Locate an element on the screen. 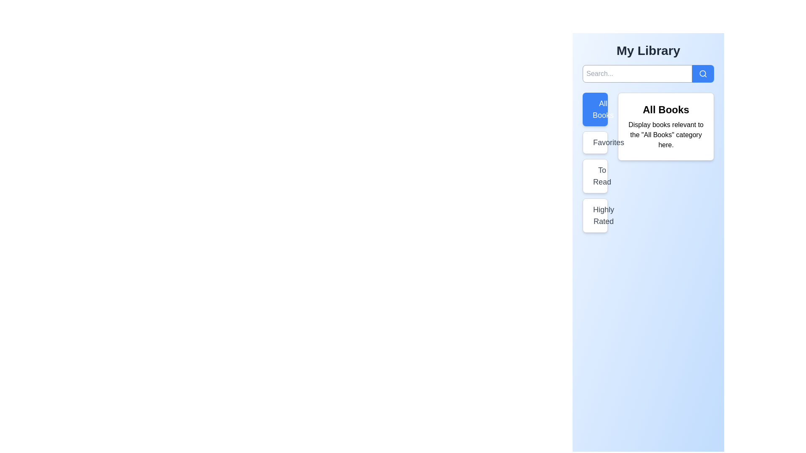  the 'To Read' button located is located at coordinates (594, 163).